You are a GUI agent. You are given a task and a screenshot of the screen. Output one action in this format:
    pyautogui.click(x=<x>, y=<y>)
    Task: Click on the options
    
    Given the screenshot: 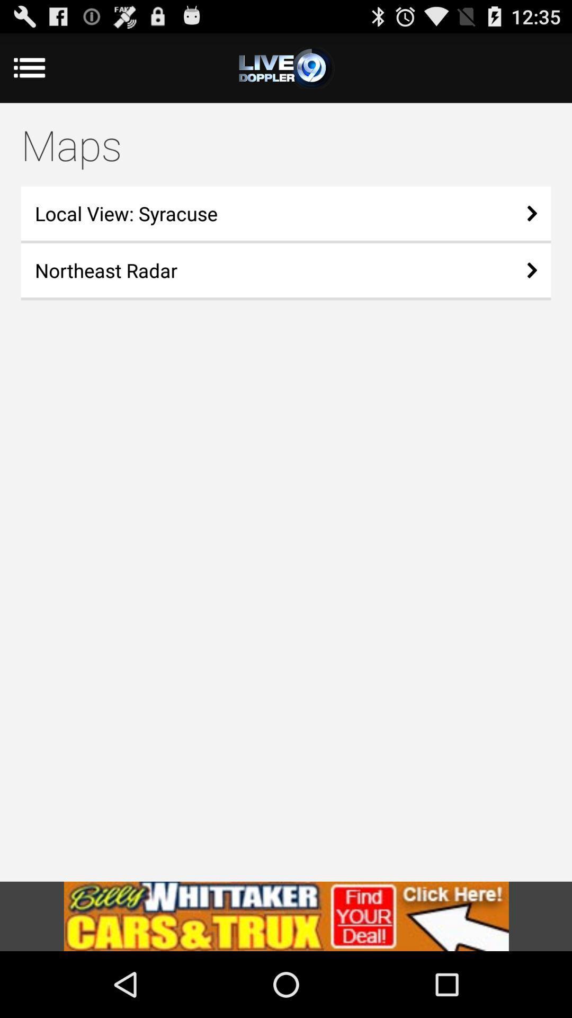 What is the action you would take?
    pyautogui.click(x=286, y=67)
    